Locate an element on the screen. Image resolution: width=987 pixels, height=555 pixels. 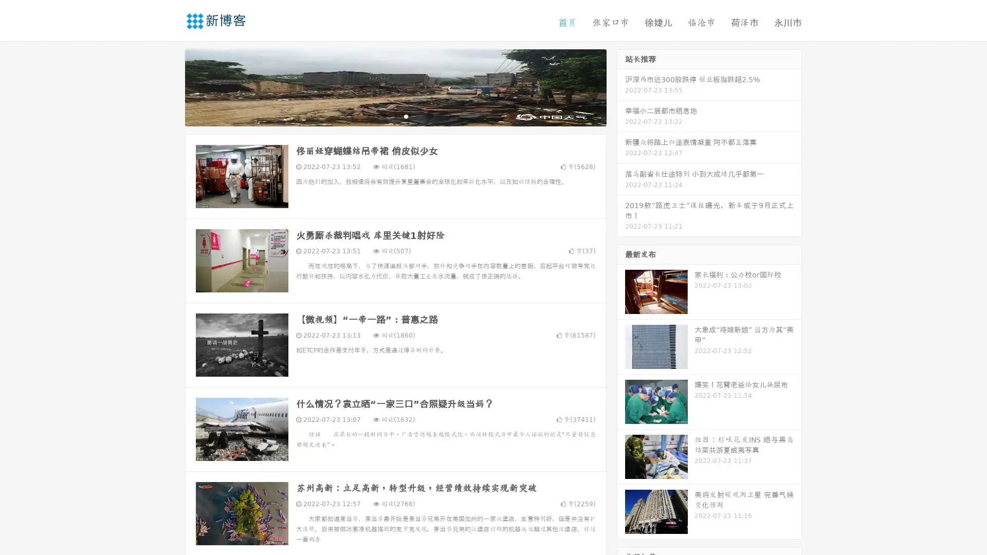
Go to slide 2 is located at coordinates (395, 116).